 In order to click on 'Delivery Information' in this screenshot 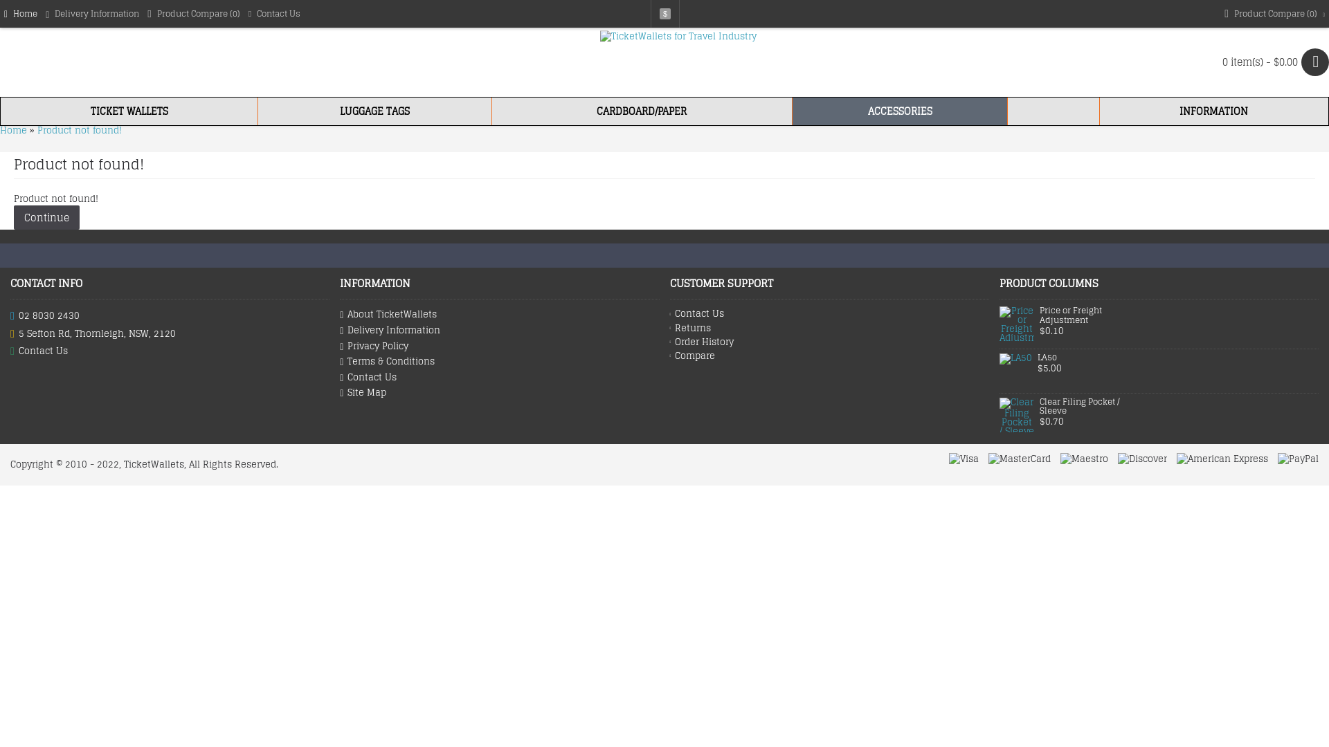, I will do `click(41, 13)`.